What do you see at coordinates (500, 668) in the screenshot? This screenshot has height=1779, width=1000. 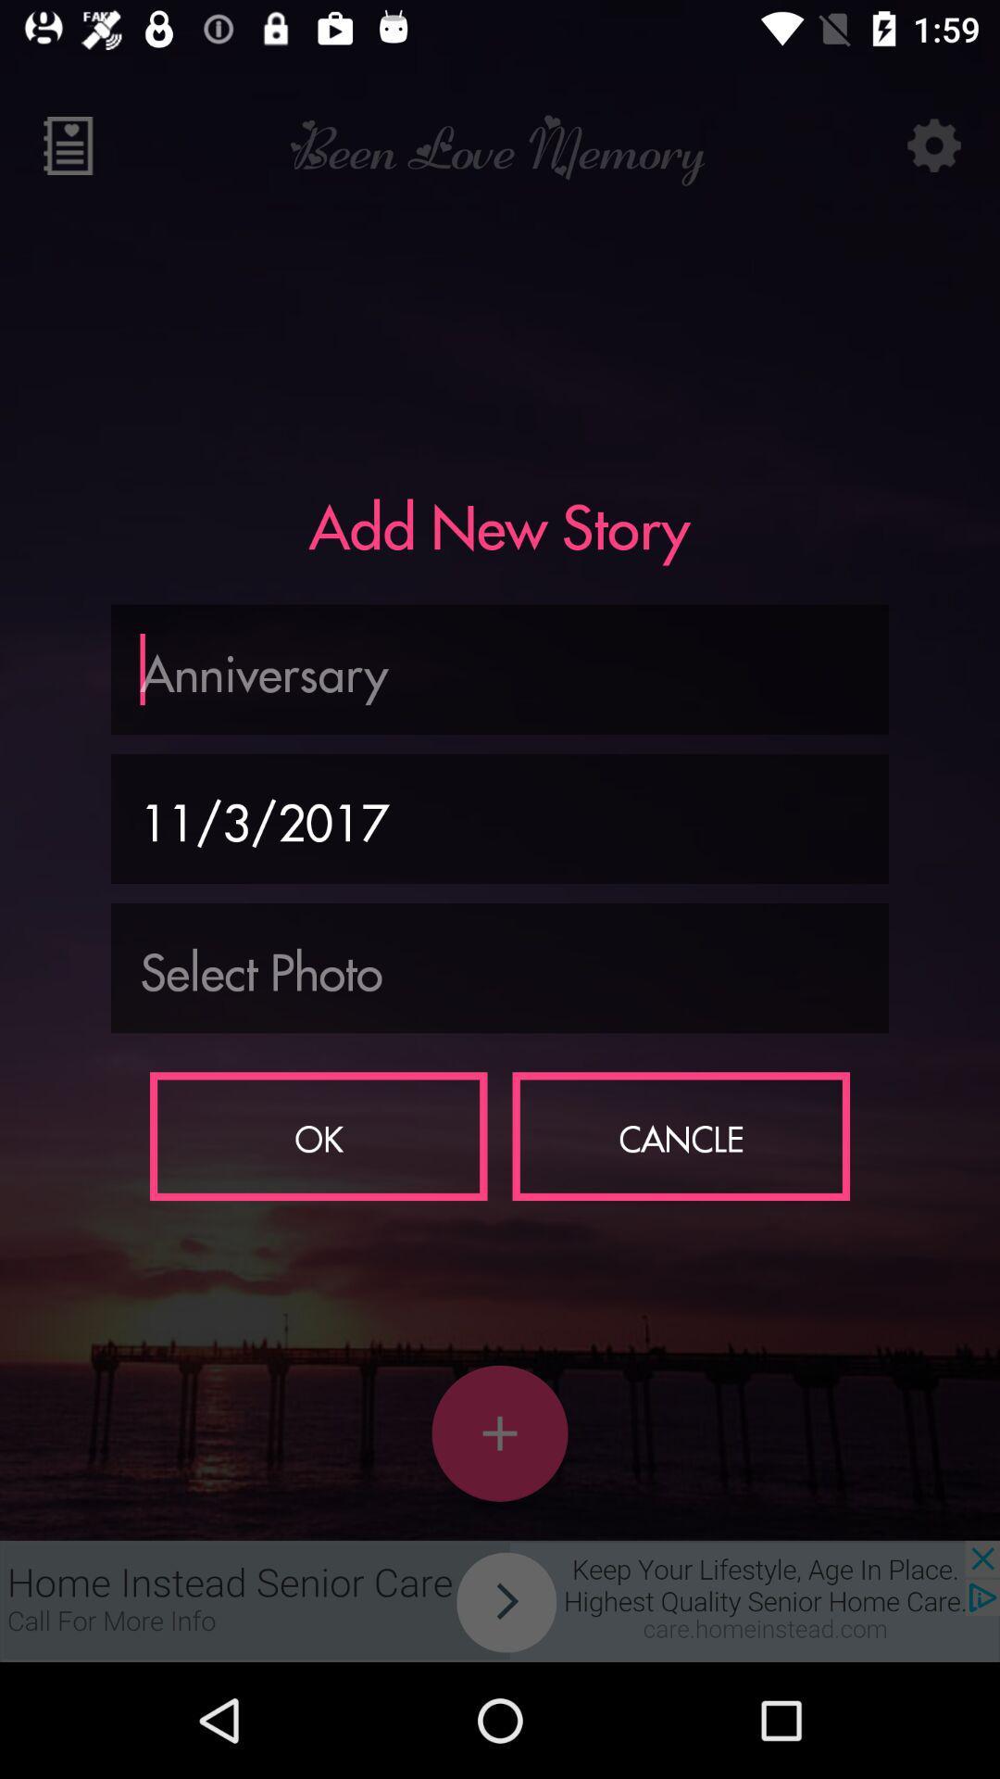 I see `icon below add new story icon` at bounding box center [500, 668].